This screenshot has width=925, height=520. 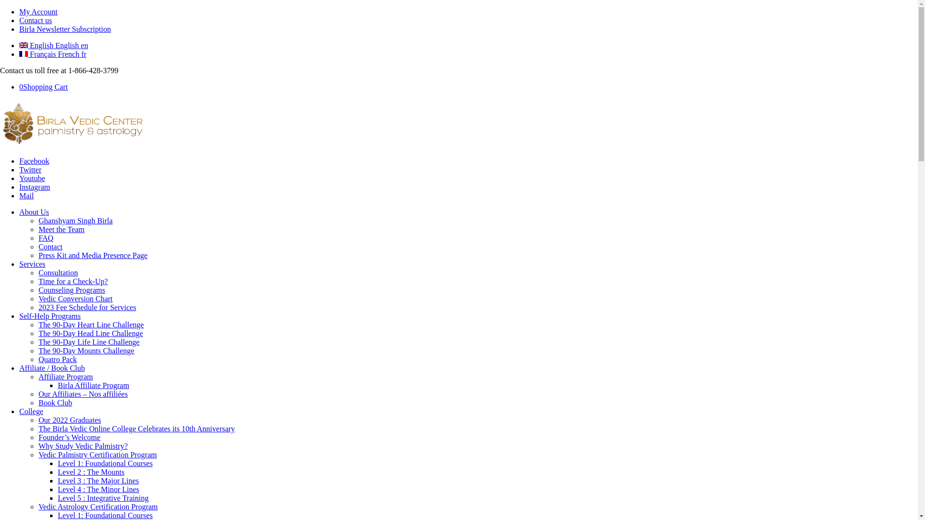 What do you see at coordinates (64, 28) in the screenshot?
I see `'Birla Newsletter Subscription'` at bounding box center [64, 28].